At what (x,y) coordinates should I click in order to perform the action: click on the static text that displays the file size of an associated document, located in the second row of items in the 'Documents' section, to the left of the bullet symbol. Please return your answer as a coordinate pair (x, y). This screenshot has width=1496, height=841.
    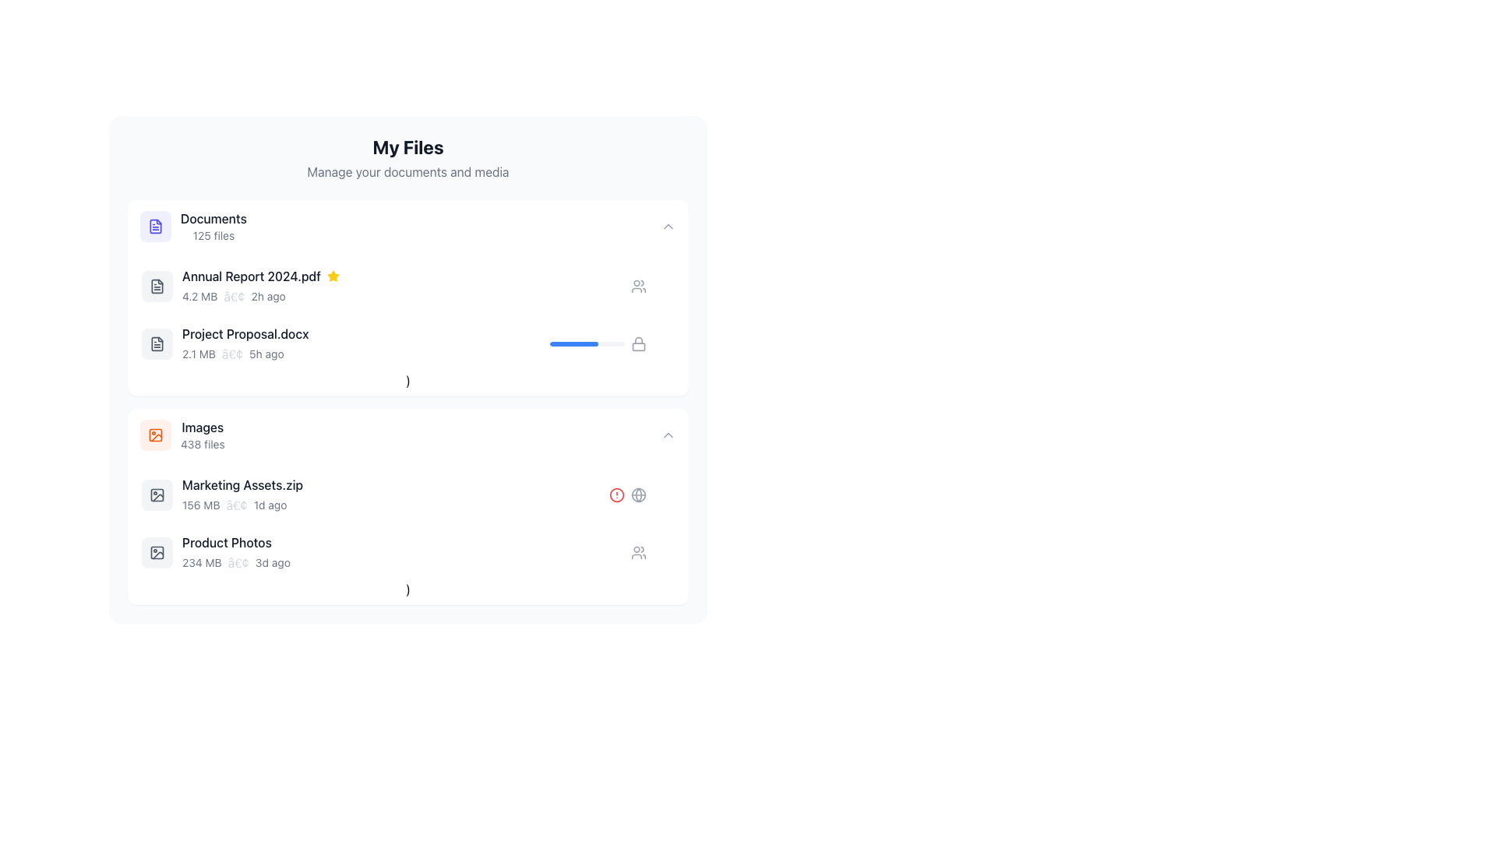
    Looking at the image, I should click on (199, 297).